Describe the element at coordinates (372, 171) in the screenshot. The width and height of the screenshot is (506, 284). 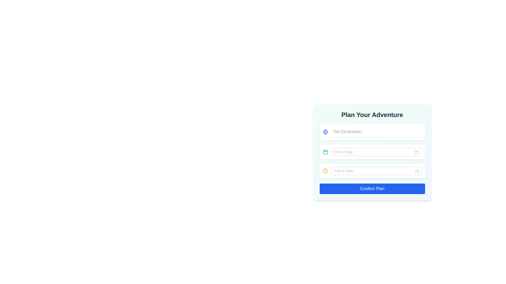
I see `a specific time within the Time Picker Input Field, which opens a time picker dialog when interacted with` at that location.